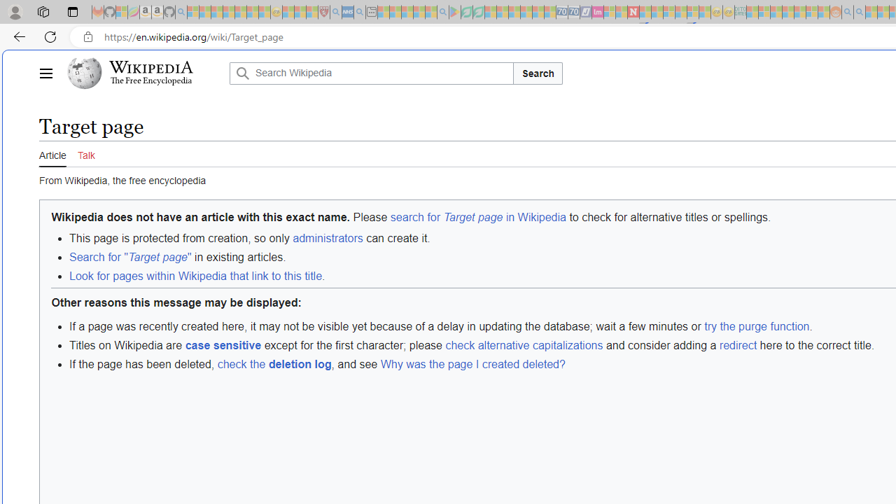 Image resolution: width=896 pixels, height=504 pixels. What do you see at coordinates (130, 258) in the screenshot?
I see `'Search for "Target page"'` at bounding box center [130, 258].